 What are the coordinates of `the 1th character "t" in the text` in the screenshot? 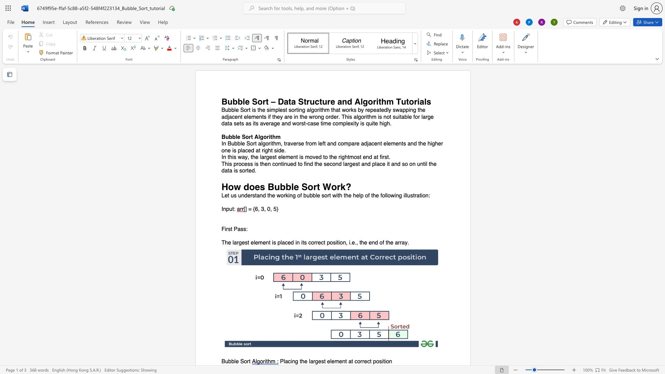 It's located at (231, 229).